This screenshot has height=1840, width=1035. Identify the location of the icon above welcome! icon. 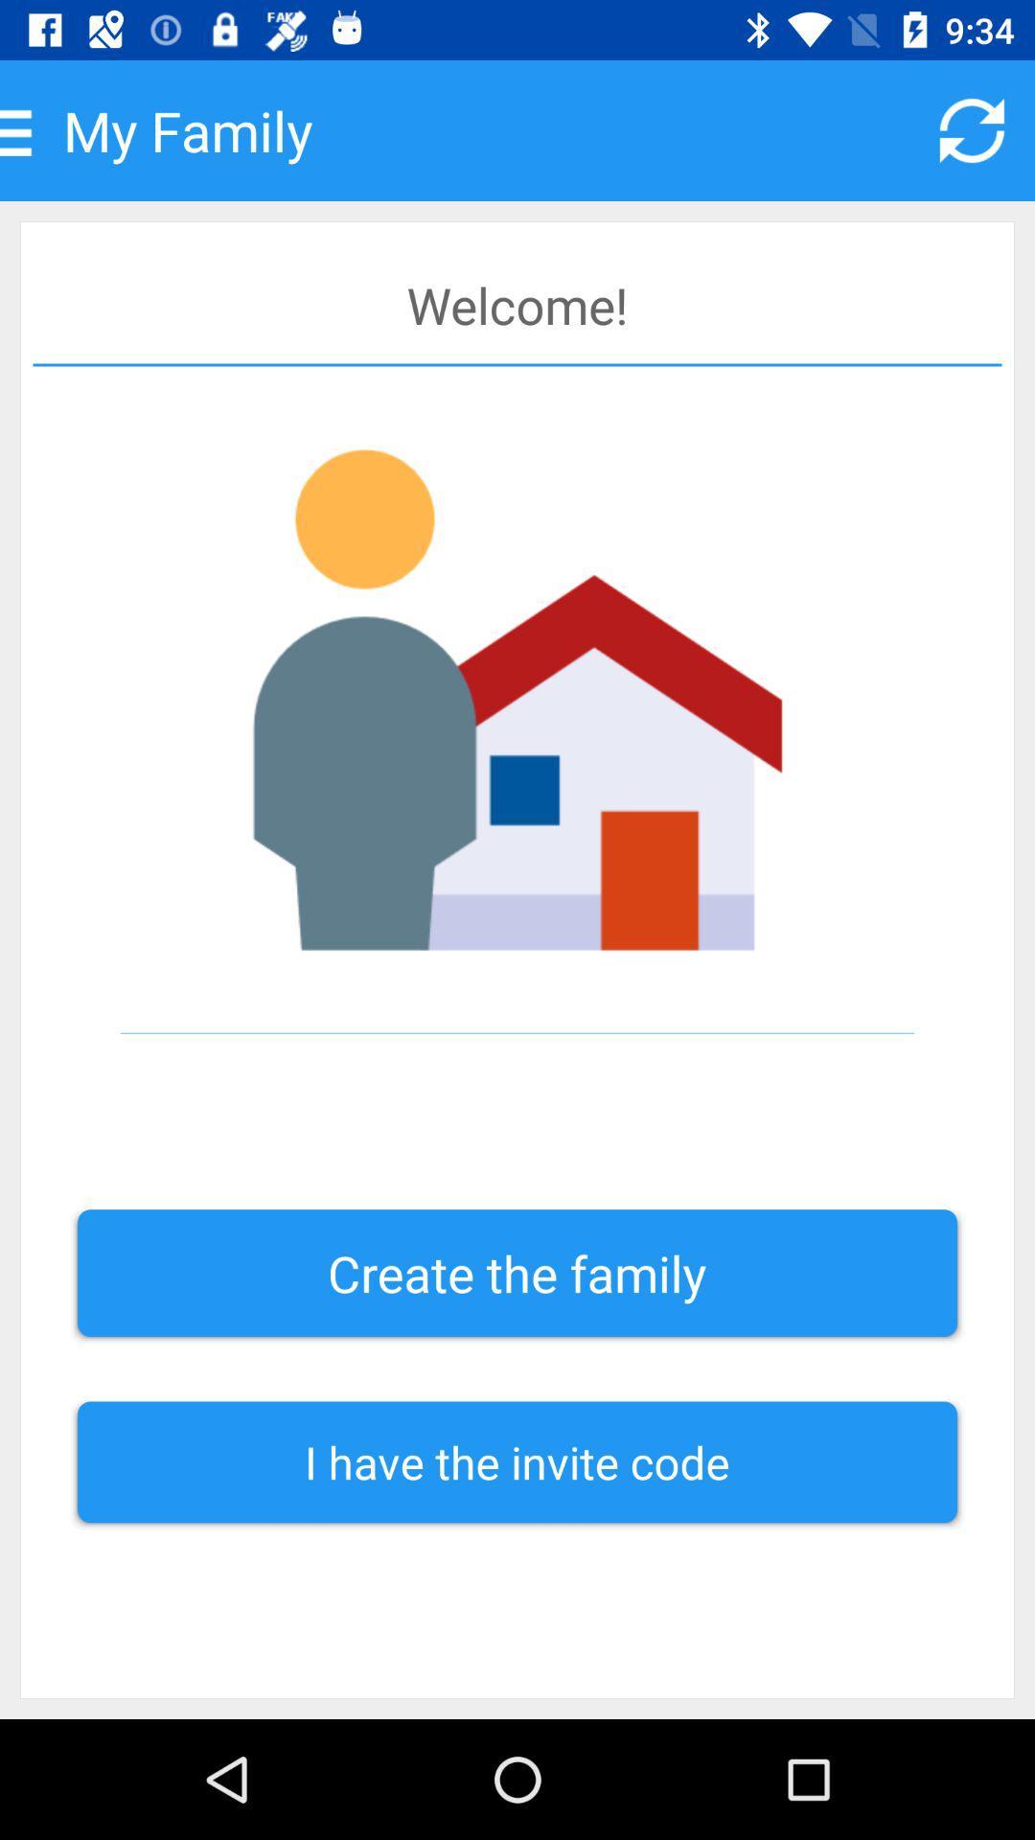
(972, 129).